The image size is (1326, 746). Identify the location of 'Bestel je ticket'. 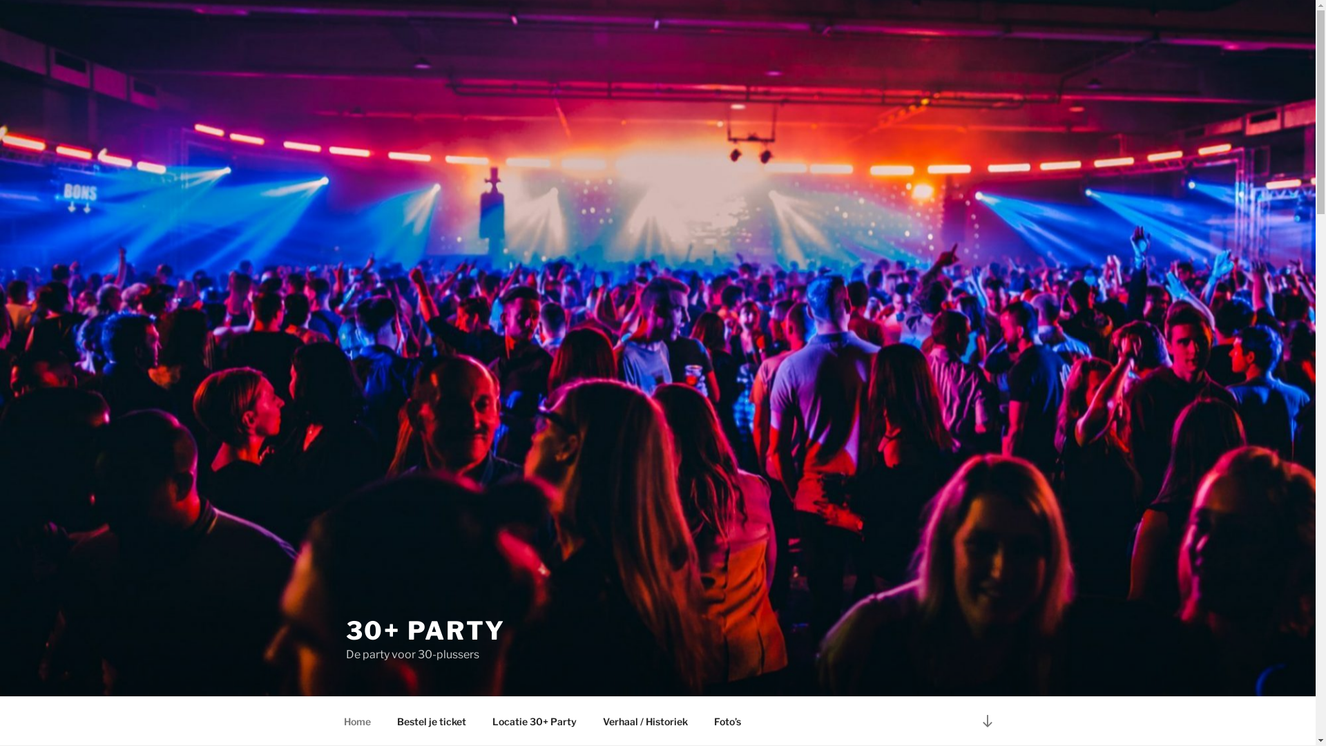
(385, 720).